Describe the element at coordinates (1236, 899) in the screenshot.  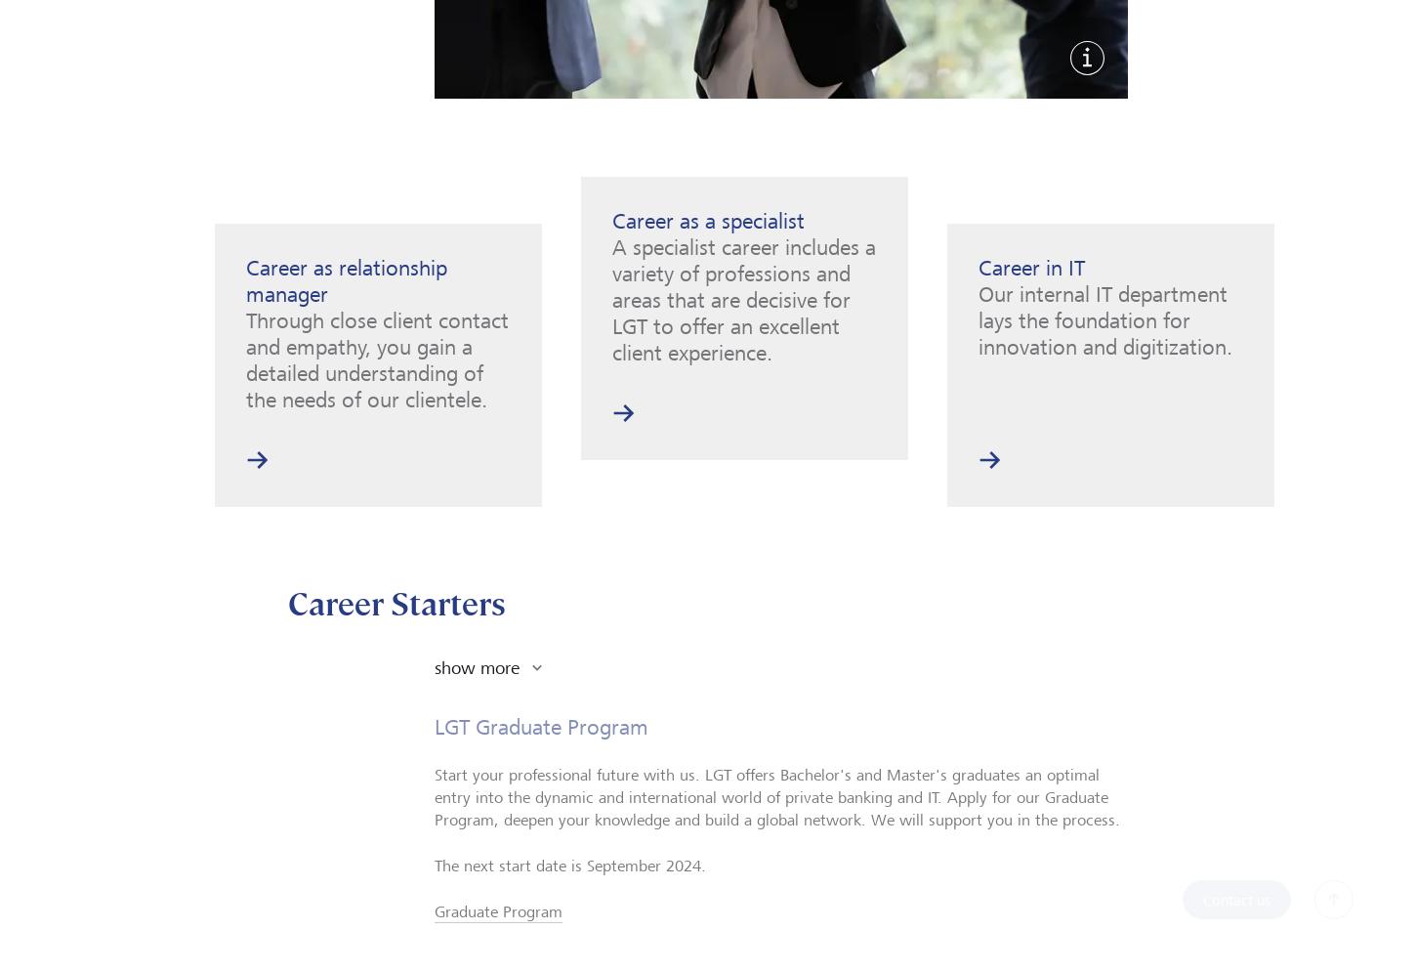
I see `'Contact us'` at that location.